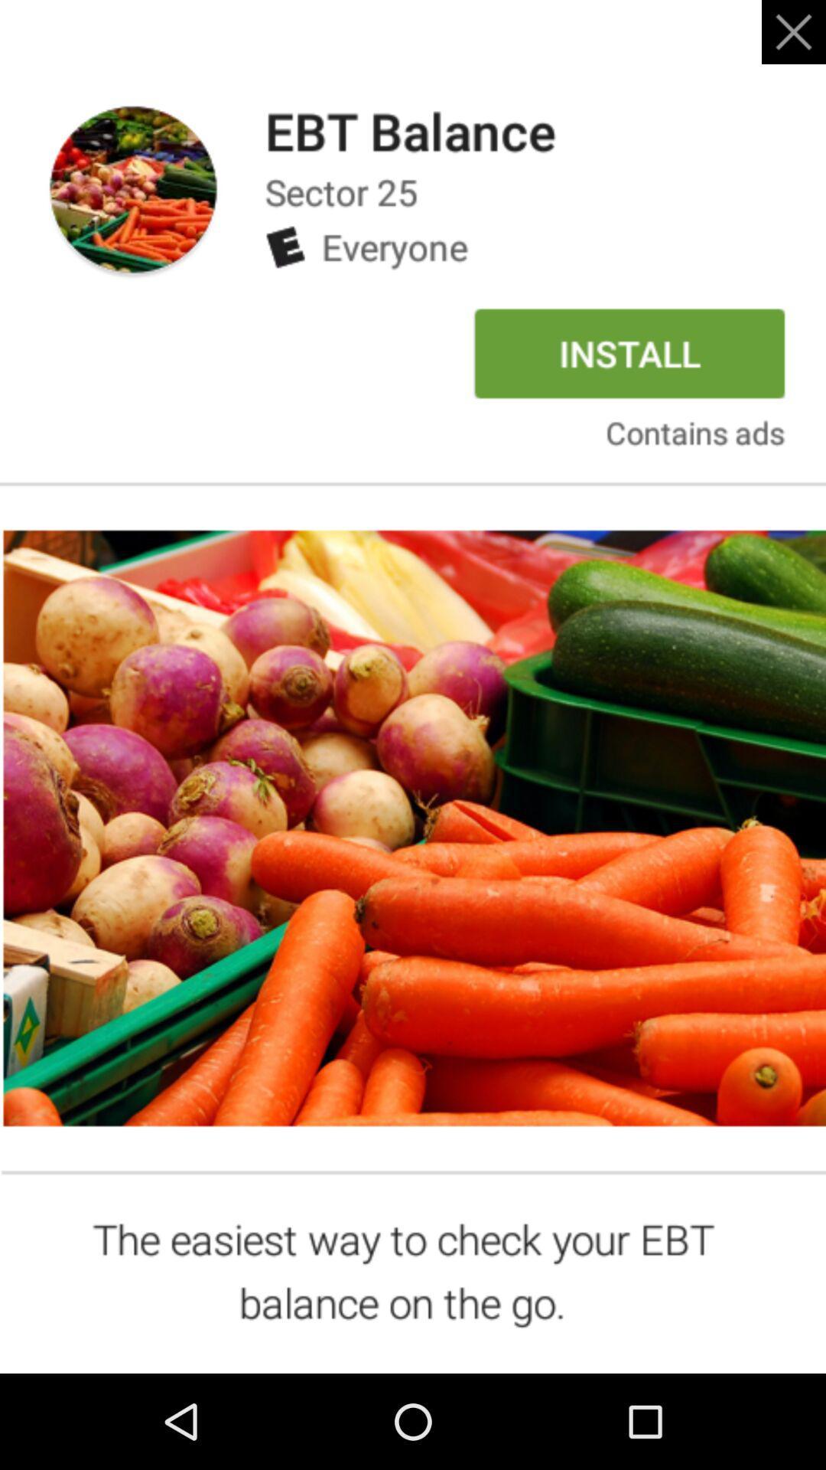  Describe the element at coordinates (792, 34) in the screenshot. I see `the close icon` at that location.